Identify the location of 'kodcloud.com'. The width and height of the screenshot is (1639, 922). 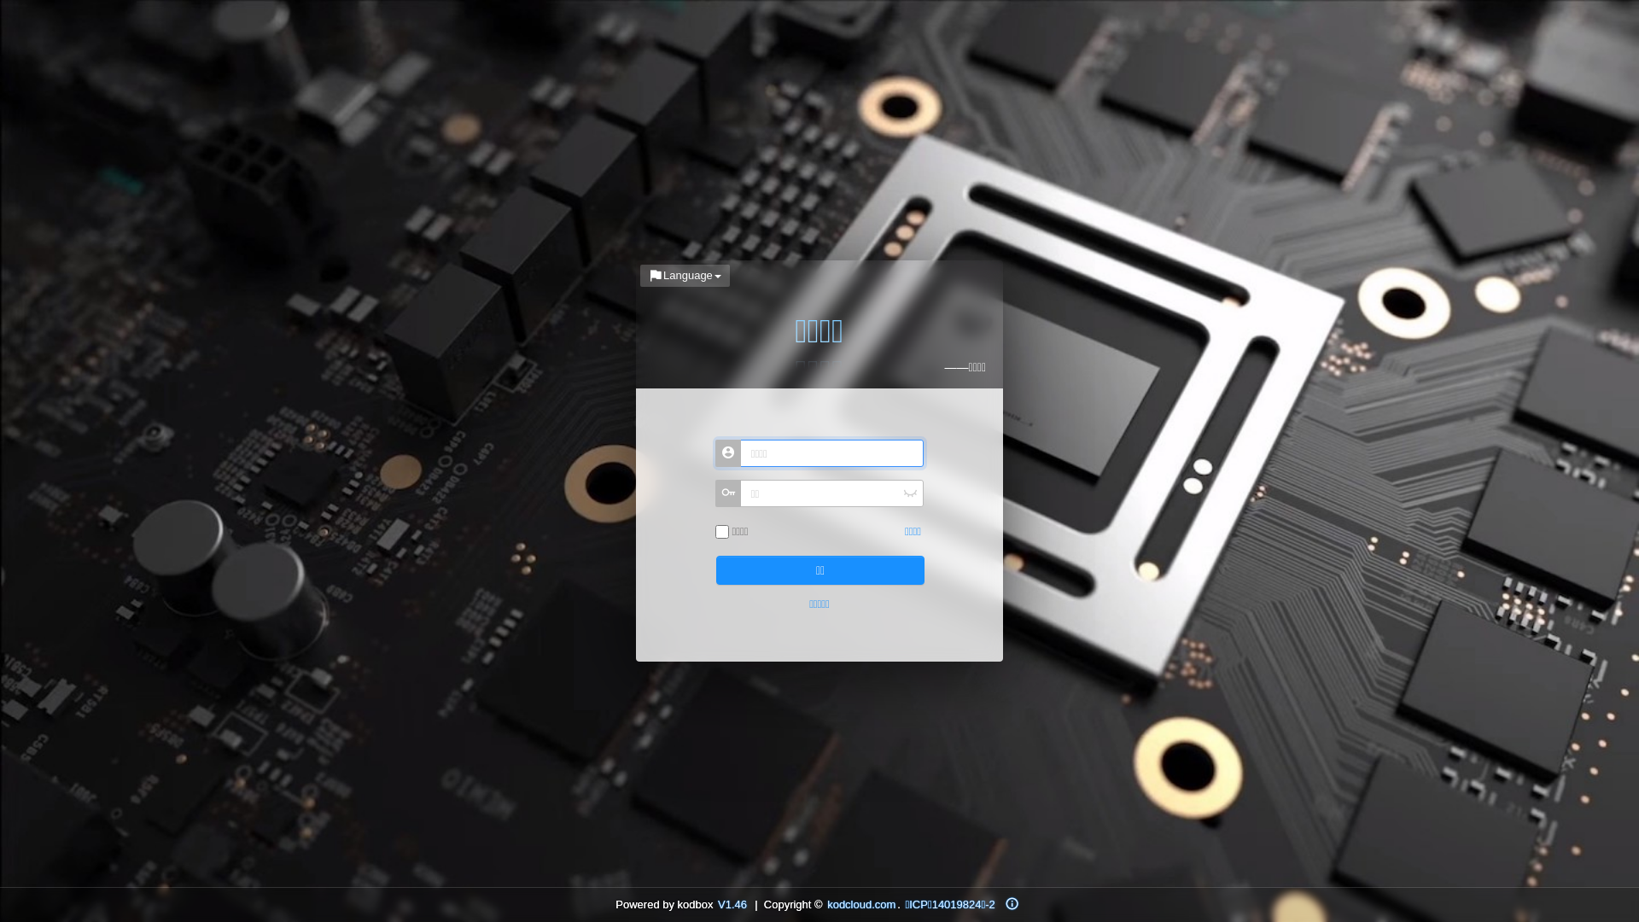
(825, 903).